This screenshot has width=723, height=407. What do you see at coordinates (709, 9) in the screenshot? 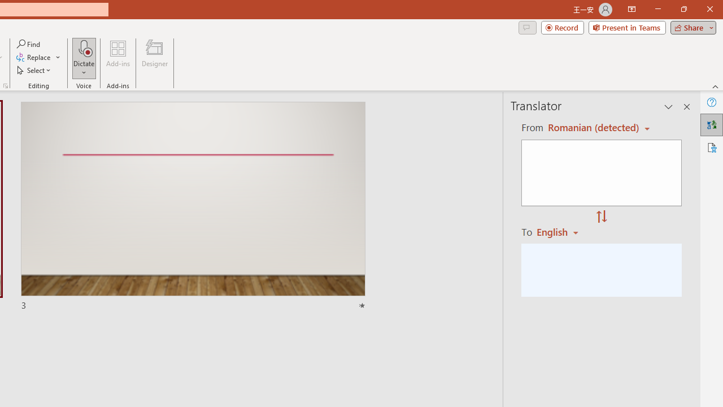
I see `'Close'` at bounding box center [709, 9].